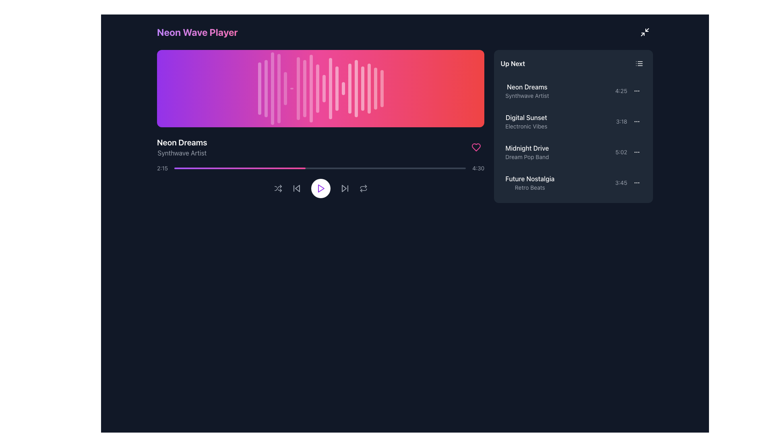  Describe the element at coordinates (451, 168) in the screenshot. I see `the media progress` at that location.